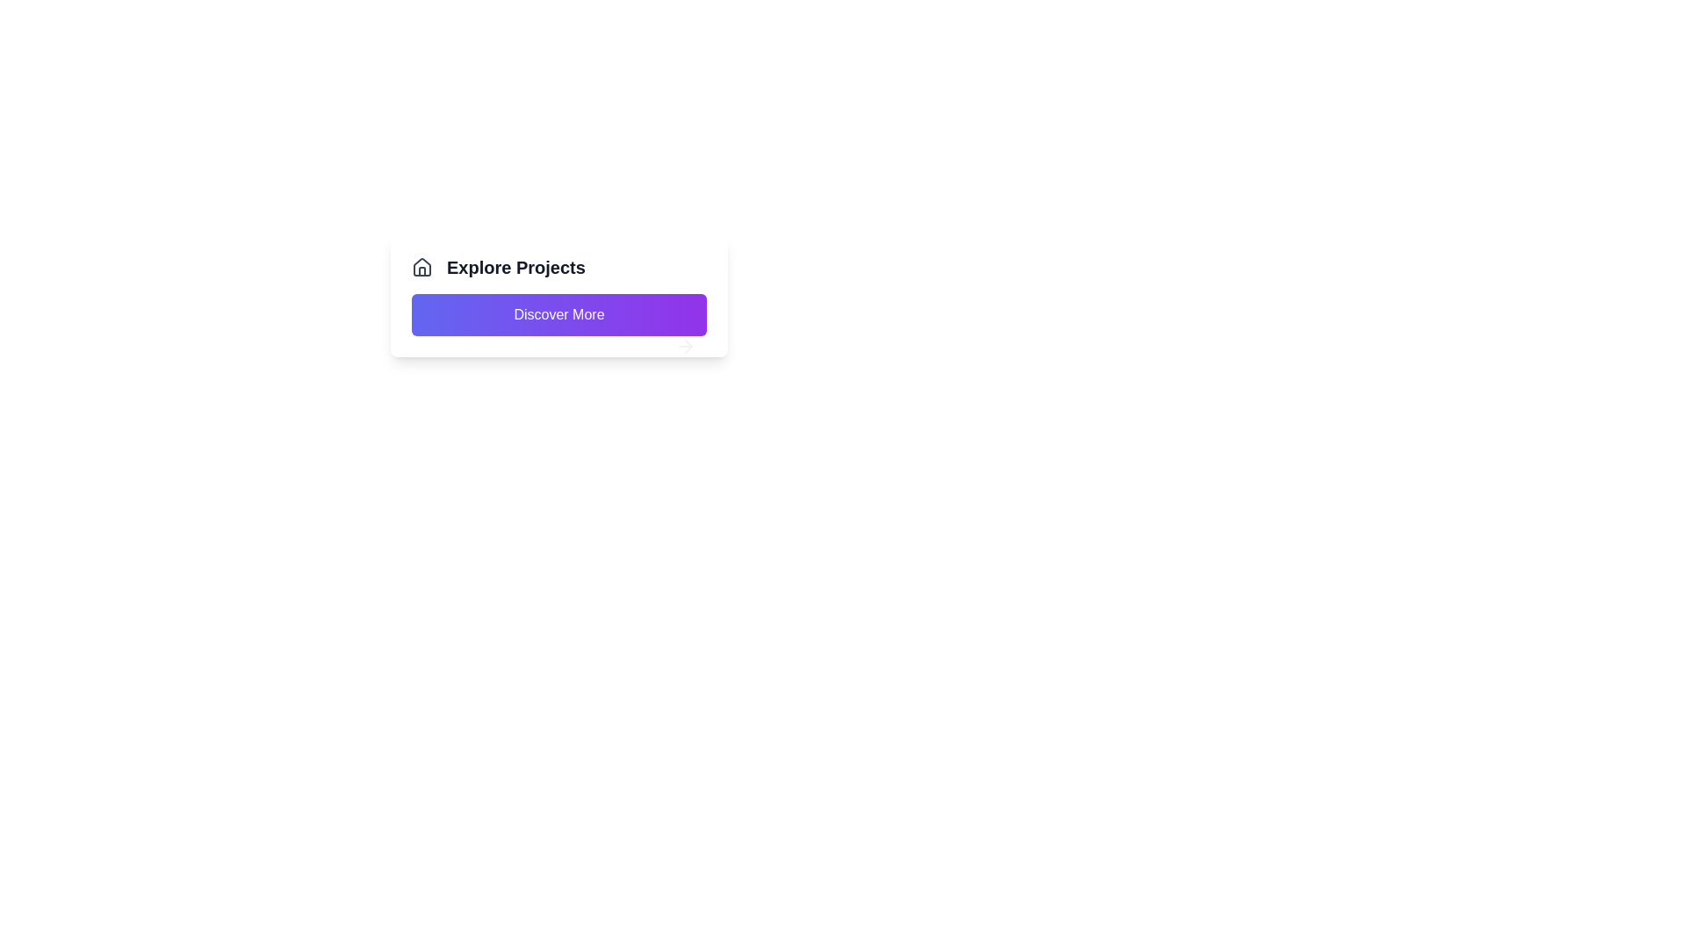  What do you see at coordinates (421, 271) in the screenshot?
I see `the small, vertical rectangular outline that is part of the house icon's lower portion, specifically the vertical rectangle in the middle of the house icon` at bounding box center [421, 271].